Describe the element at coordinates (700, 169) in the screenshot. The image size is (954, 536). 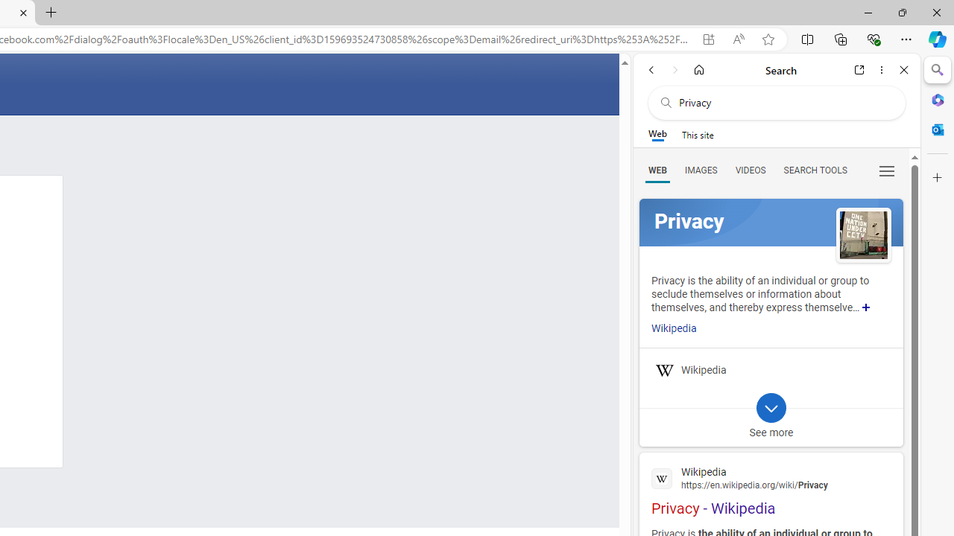
I see `'Search Filter, IMAGES'` at that location.